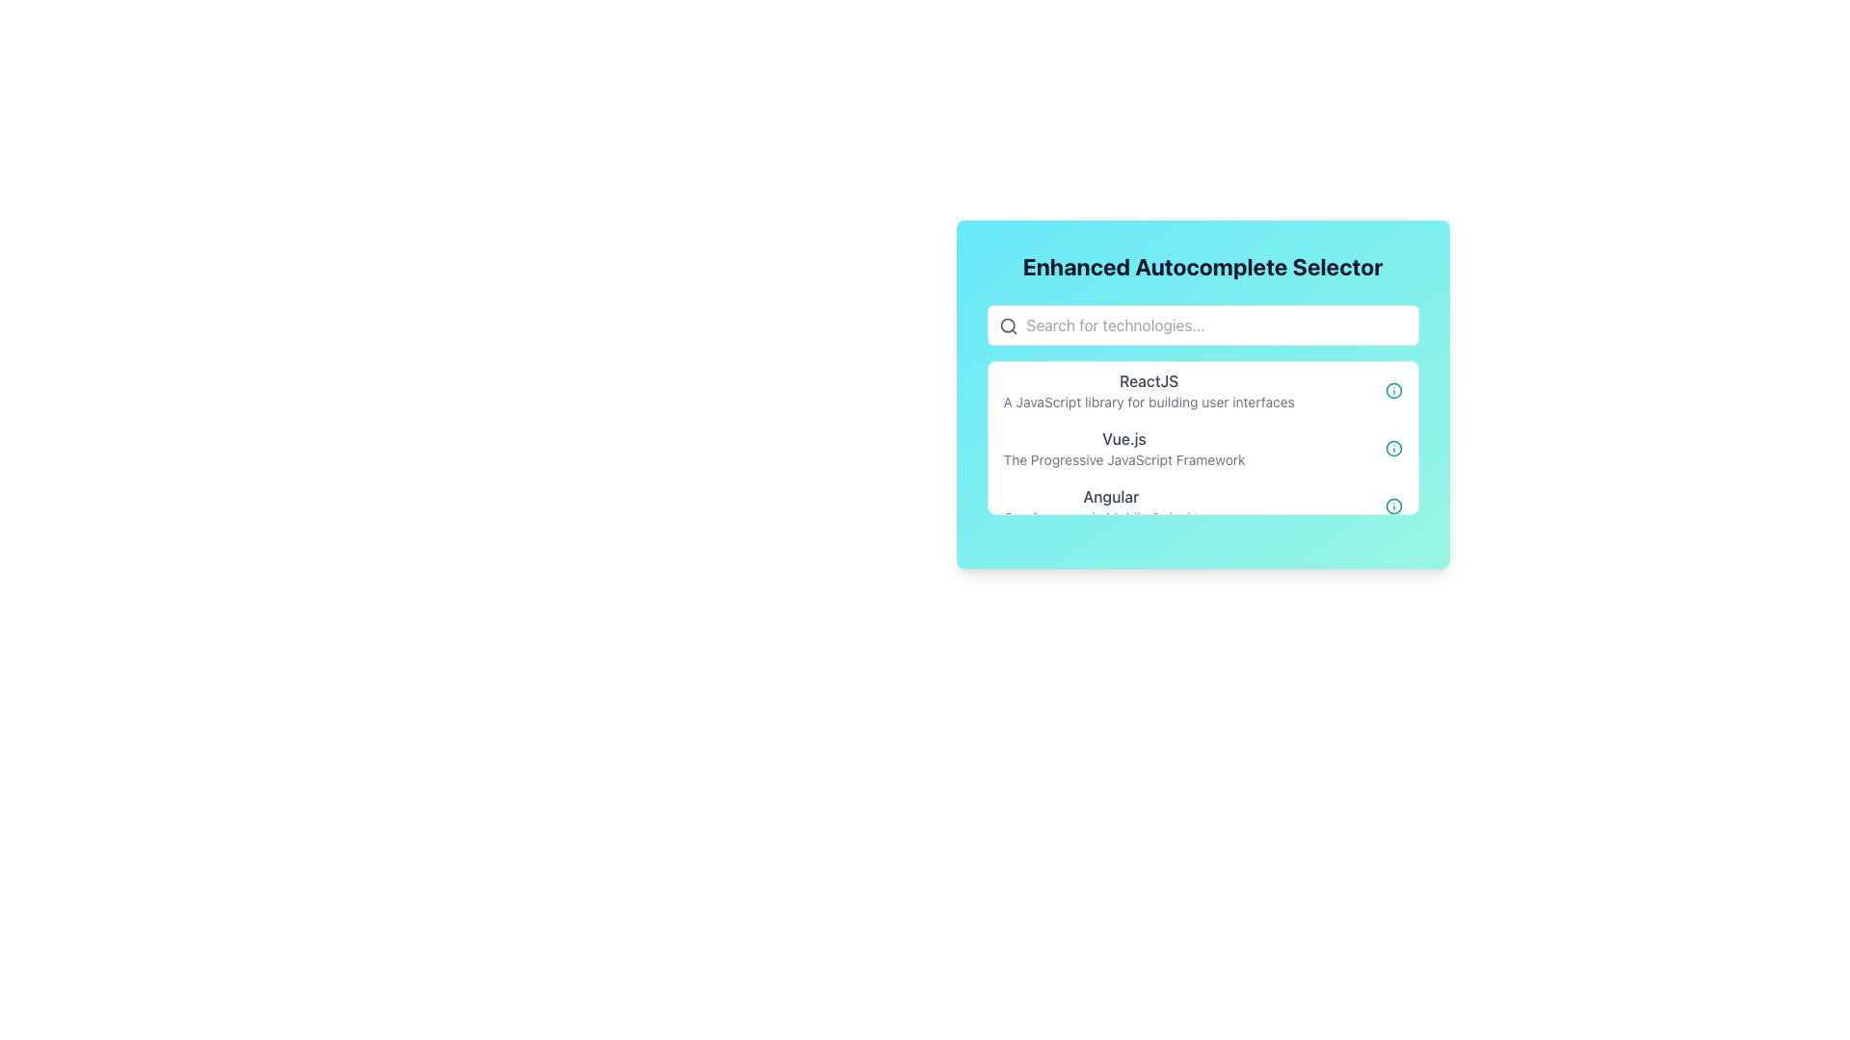 The image size is (1850, 1040). I want to click on the second item in the dropdown menu that provides information about 'Vue.js' technology, so click(1123, 449).